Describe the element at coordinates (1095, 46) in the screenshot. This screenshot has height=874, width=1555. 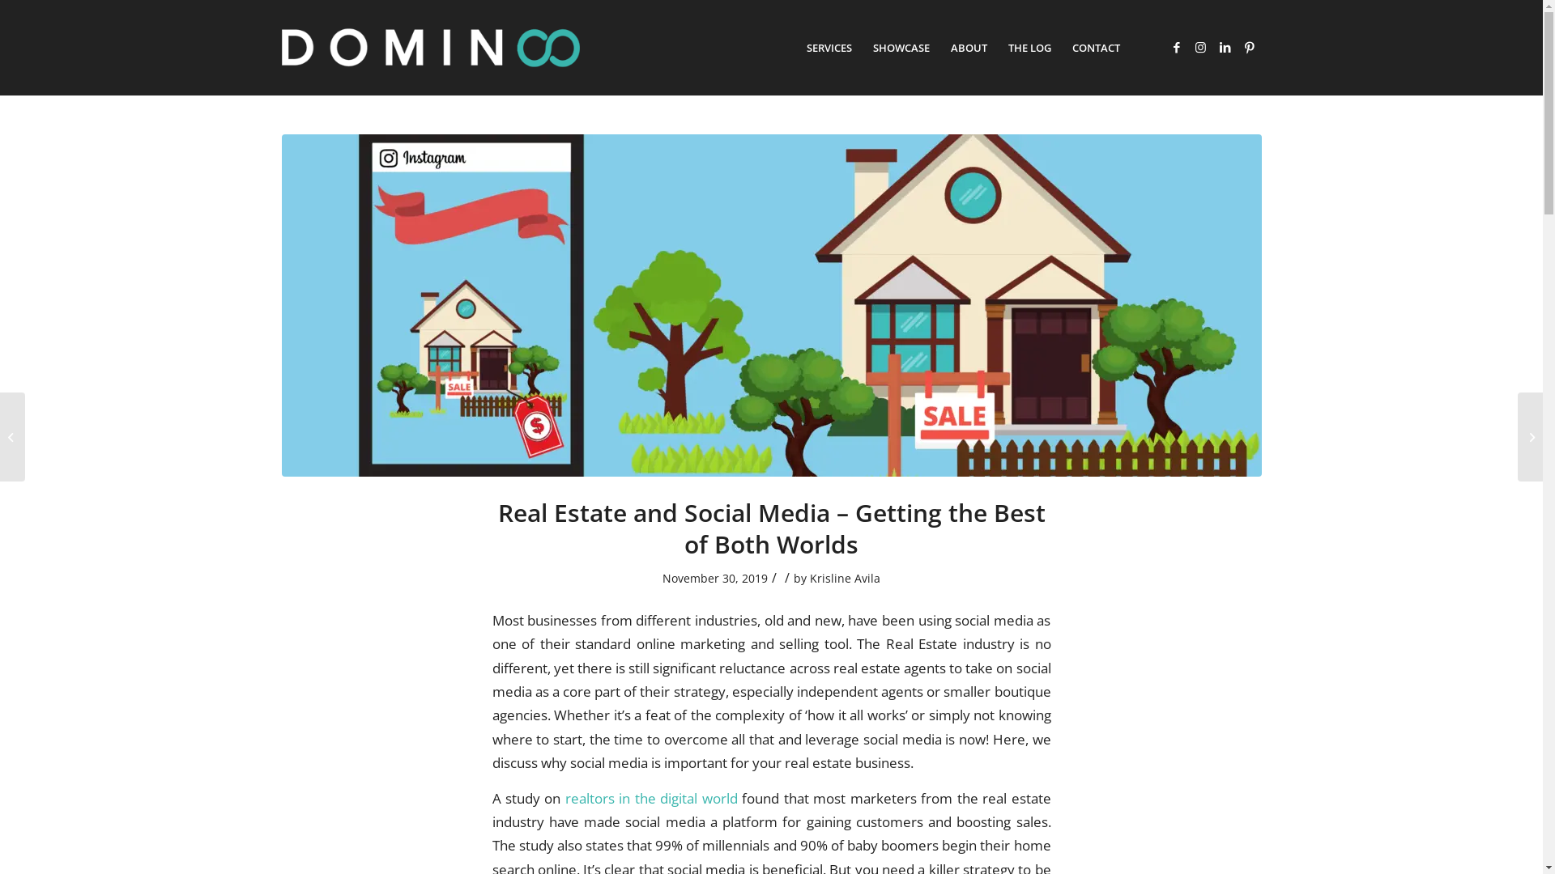
I see `'CONTACT'` at that location.